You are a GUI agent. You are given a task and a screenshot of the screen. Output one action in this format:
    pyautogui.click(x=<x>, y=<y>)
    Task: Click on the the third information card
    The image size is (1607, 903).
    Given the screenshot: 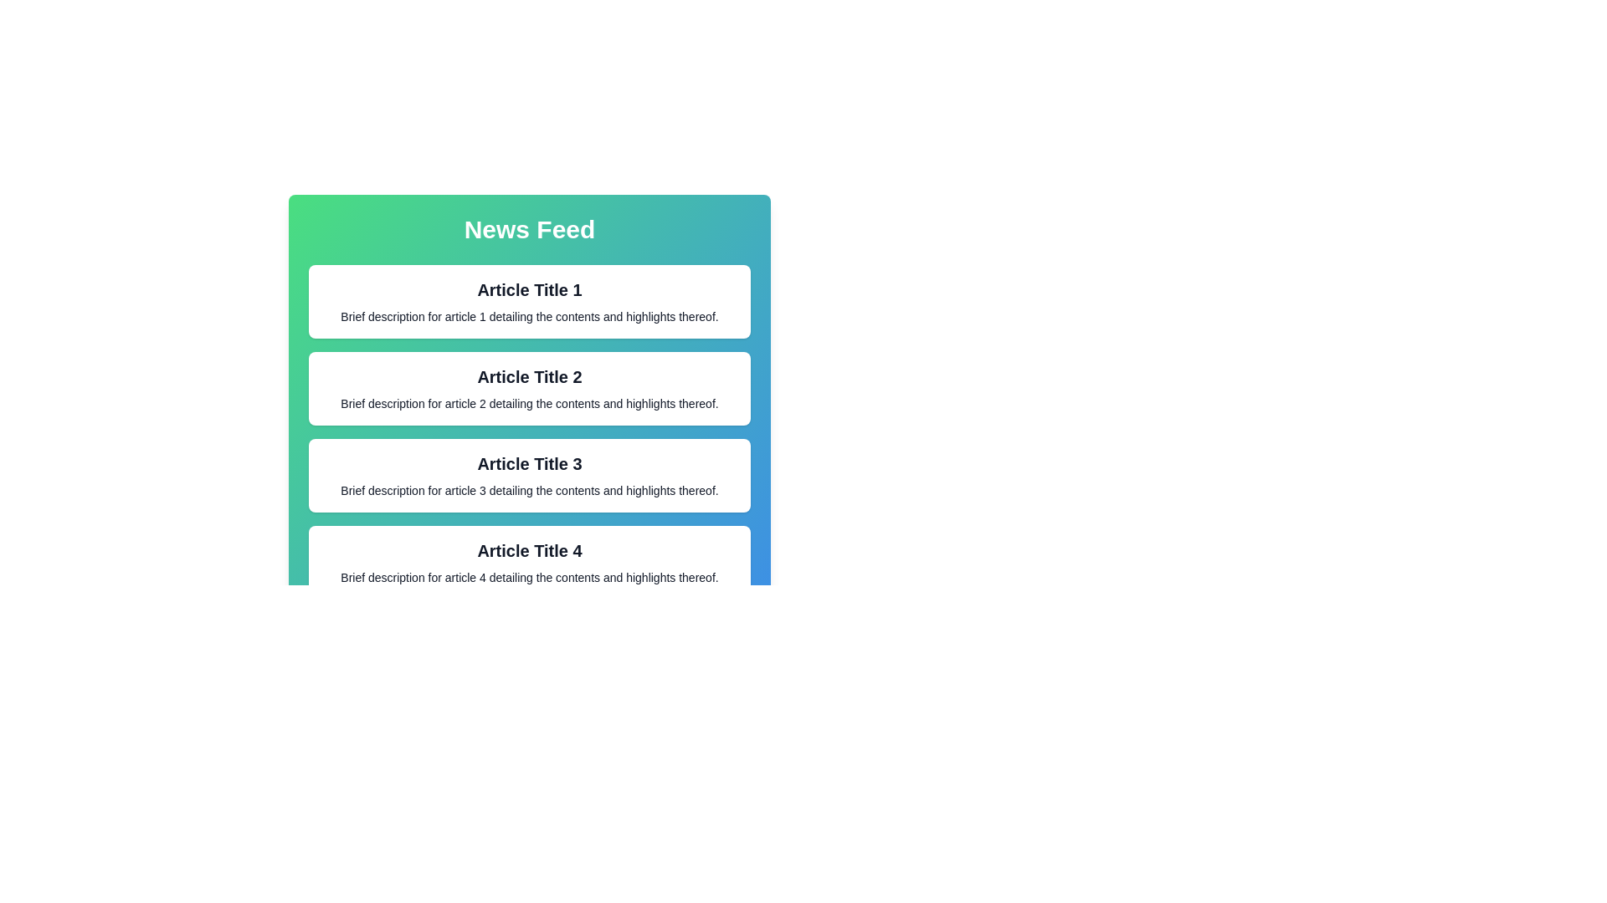 What is the action you would take?
    pyautogui.click(x=529, y=476)
    